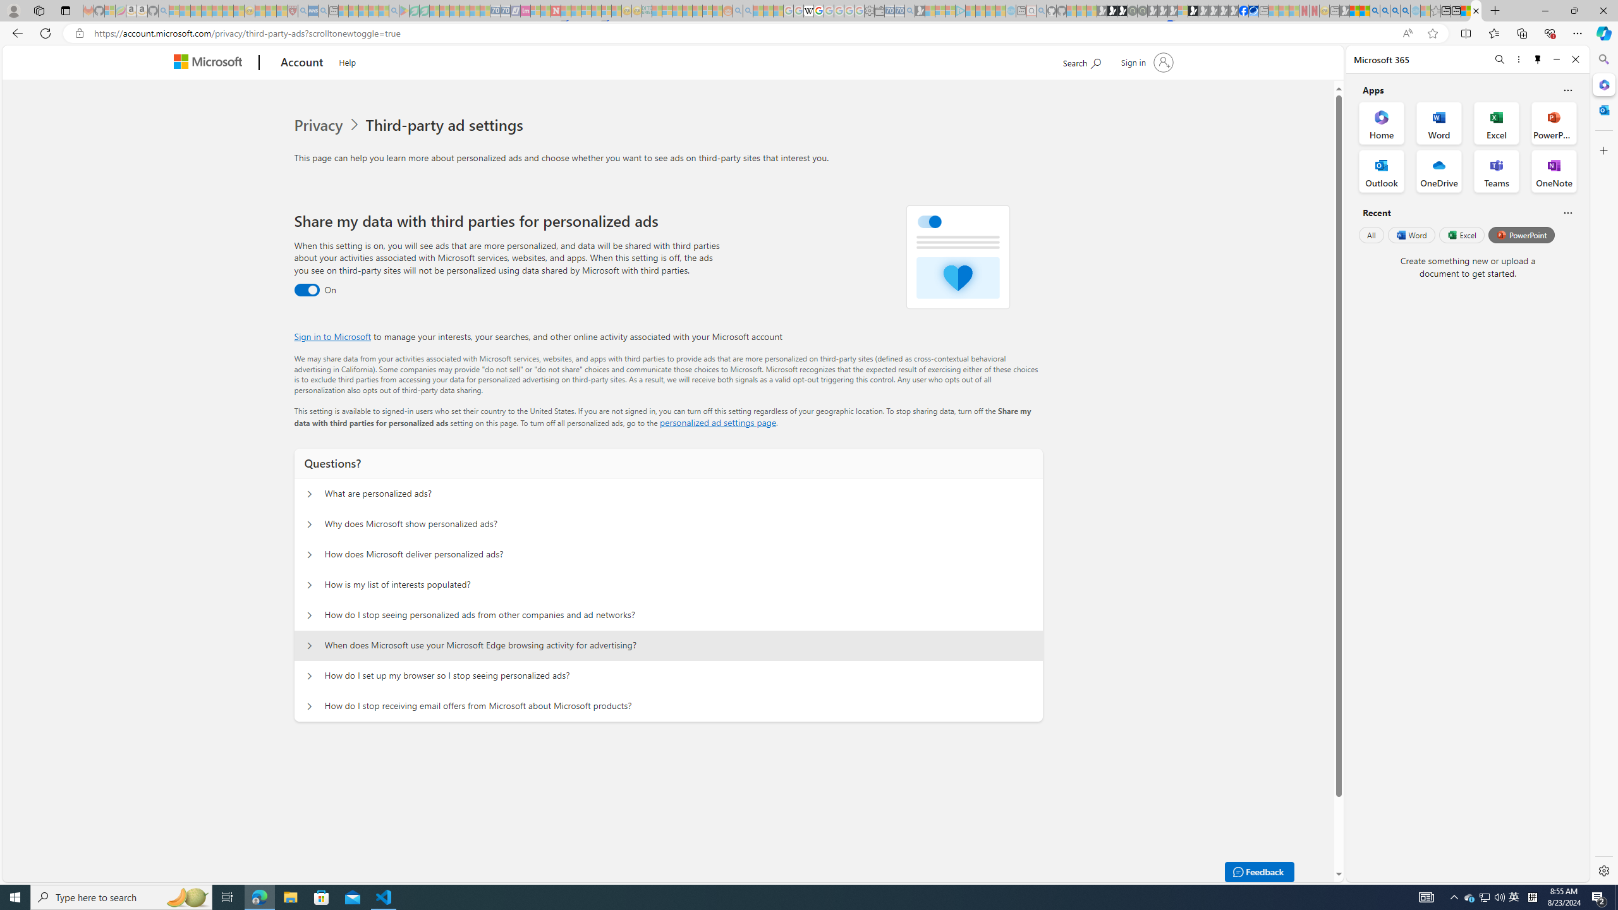  Describe the element at coordinates (1252, 10) in the screenshot. I see `'AirNow.gov'` at that location.